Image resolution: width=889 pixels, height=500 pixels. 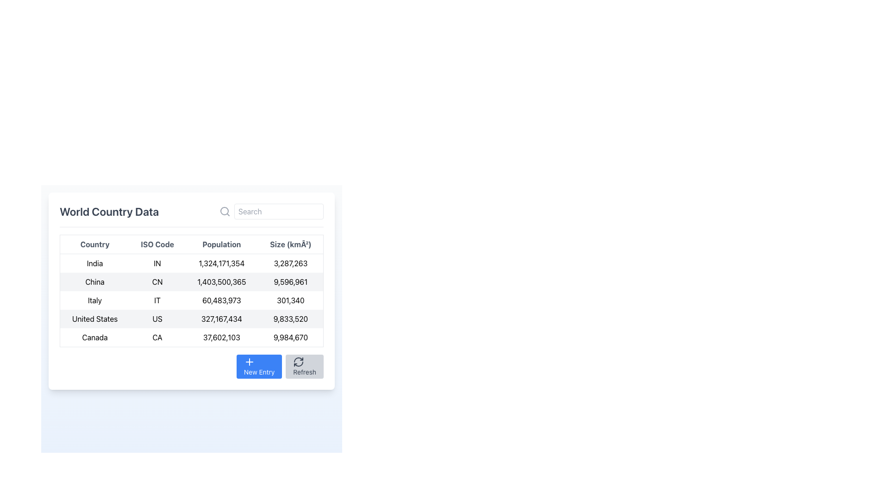 What do you see at coordinates (191, 300) in the screenshot?
I see `the third table row displaying information about Italy, located between the rows for China and United States in the country data table` at bounding box center [191, 300].